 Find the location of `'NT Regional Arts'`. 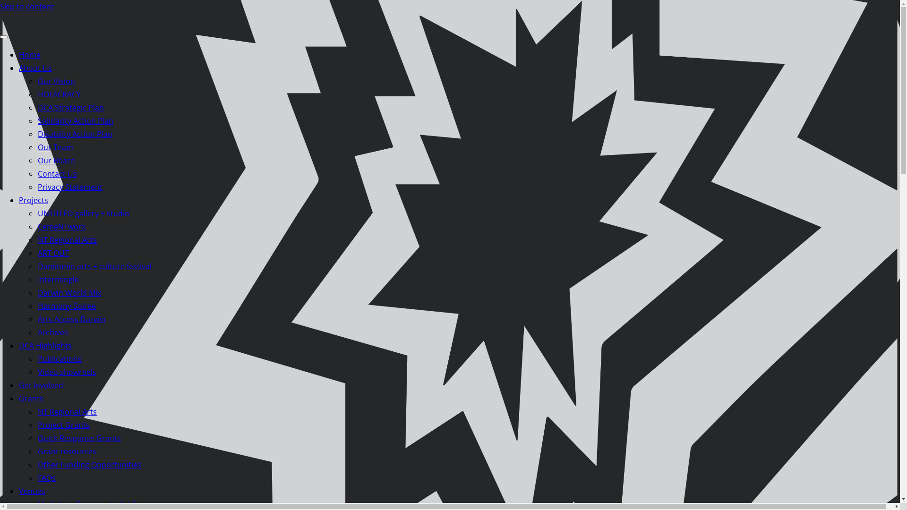

'NT Regional Arts' is located at coordinates (67, 411).